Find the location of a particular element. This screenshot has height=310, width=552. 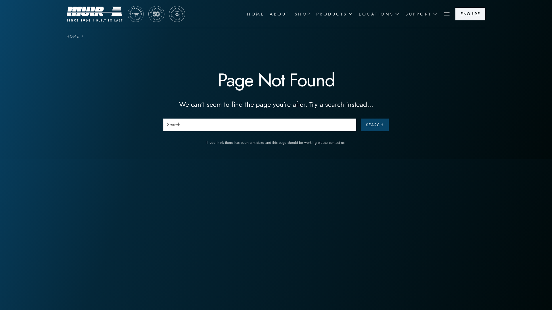

'HOME' is located at coordinates (73, 36).